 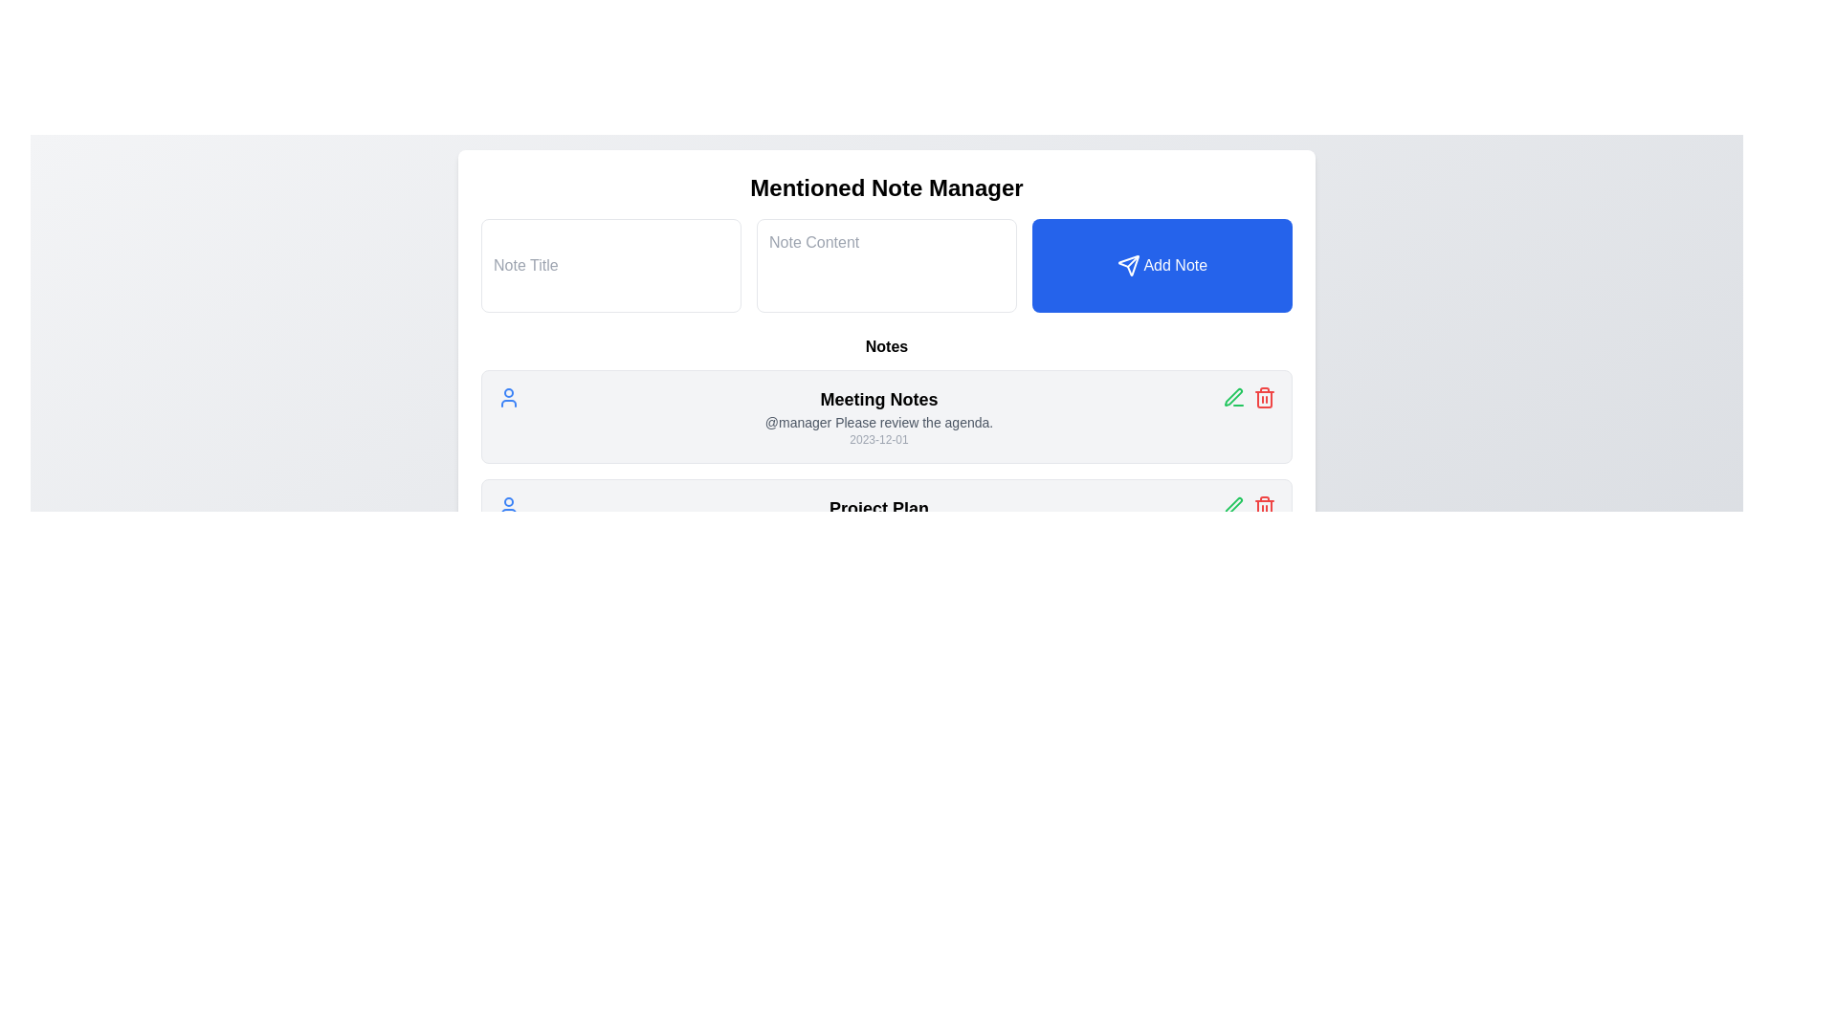 What do you see at coordinates (877, 439) in the screenshot?
I see `the text label displaying the date '2023-12-01' positioned below the message '@manager Please review the agenda.' in the Meeting Notes section` at bounding box center [877, 439].